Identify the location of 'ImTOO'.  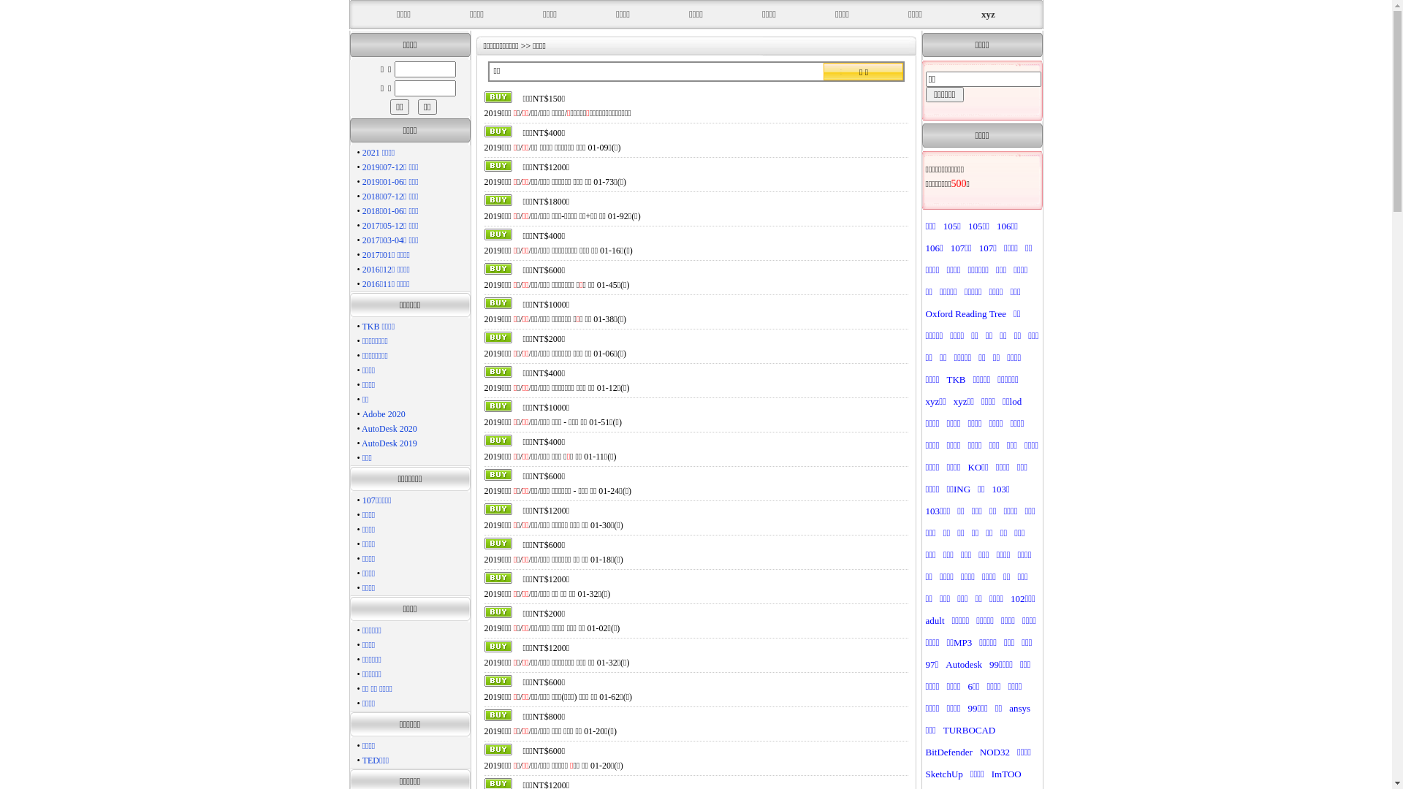
(1005, 773).